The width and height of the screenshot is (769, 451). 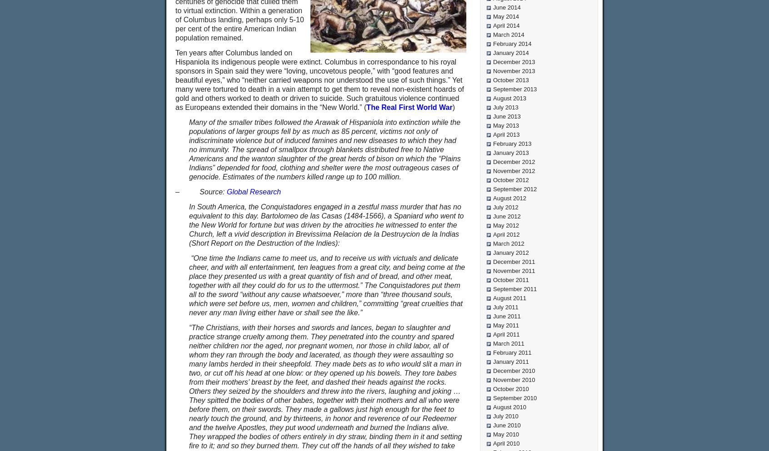 I want to click on 'August 2012', so click(x=509, y=198).